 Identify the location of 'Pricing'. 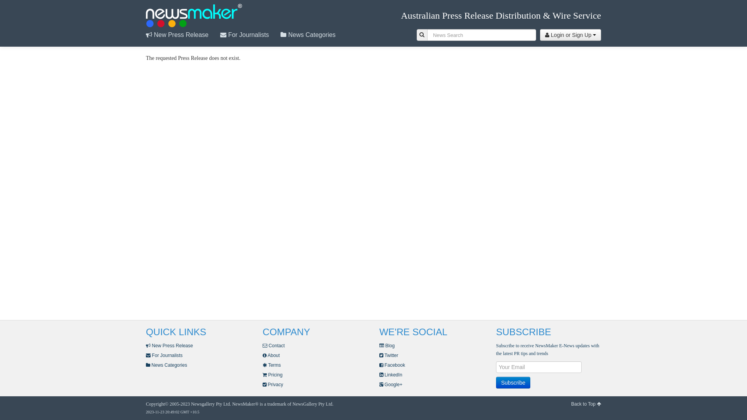
(272, 374).